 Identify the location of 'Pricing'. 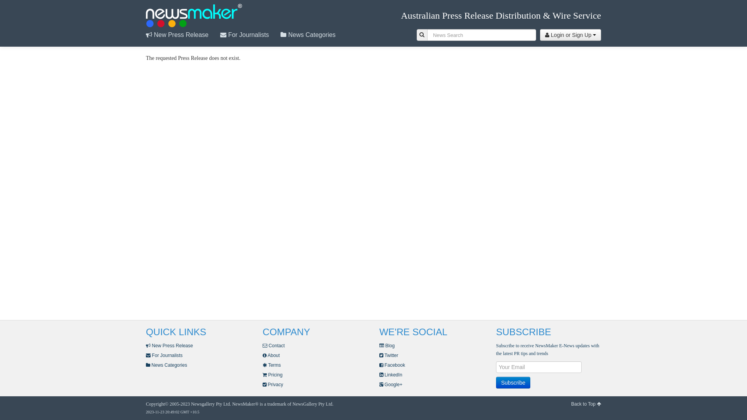
(272, 374).